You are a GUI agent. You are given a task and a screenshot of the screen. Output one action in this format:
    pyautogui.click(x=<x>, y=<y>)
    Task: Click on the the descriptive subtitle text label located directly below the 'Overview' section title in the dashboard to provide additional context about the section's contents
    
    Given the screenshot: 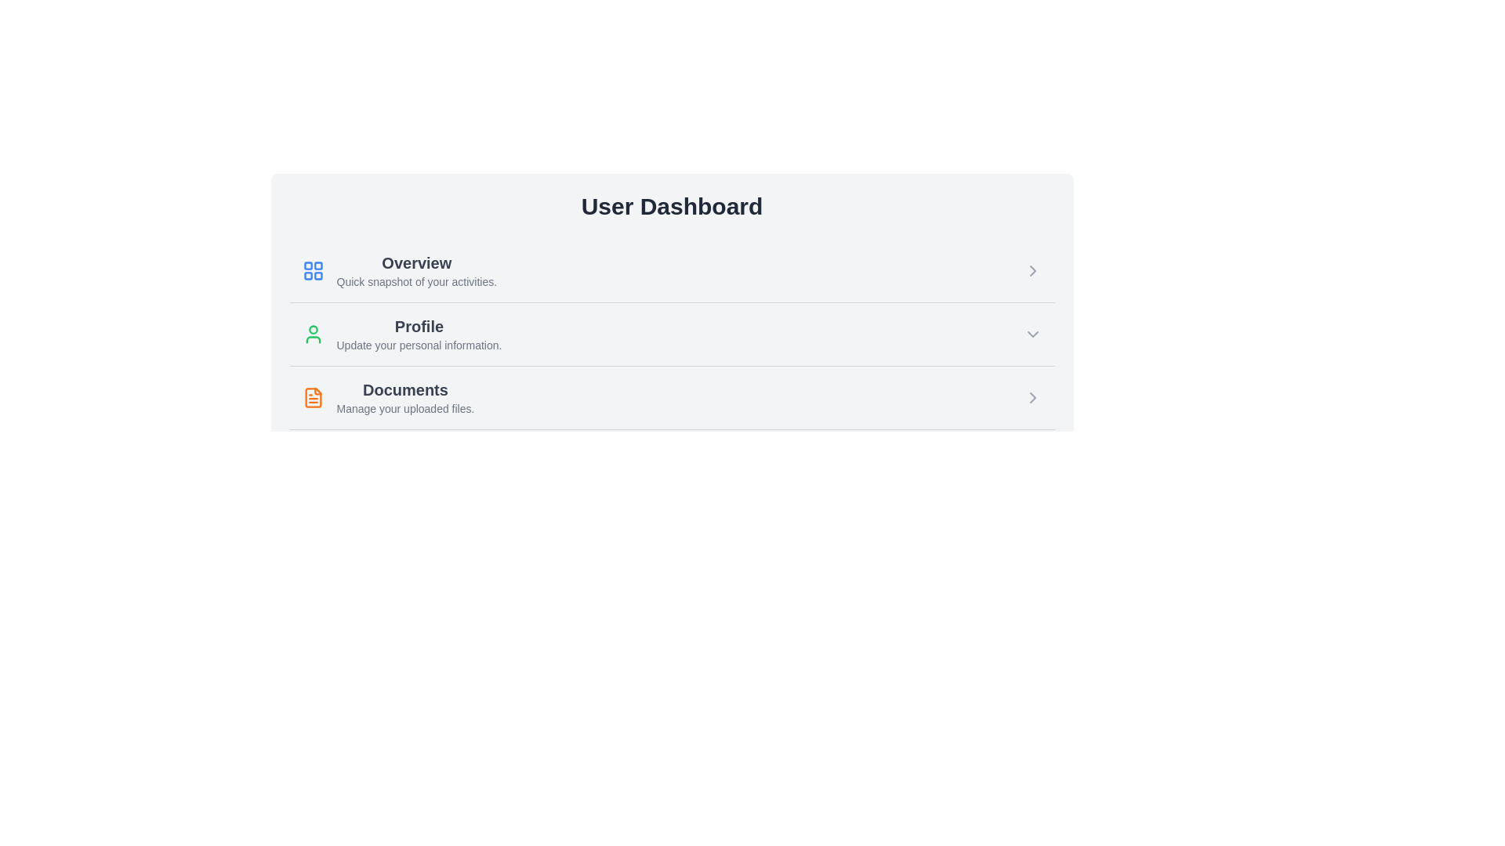 What is the action you would take?
    pyautogui.click(x=416, y=280)
    